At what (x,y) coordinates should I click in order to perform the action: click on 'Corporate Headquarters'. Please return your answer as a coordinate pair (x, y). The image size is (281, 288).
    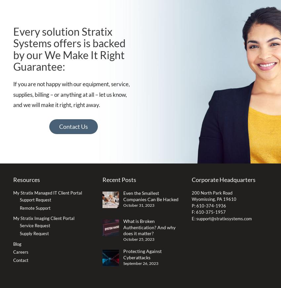
    Looking at the image, I should click on (223, 179).